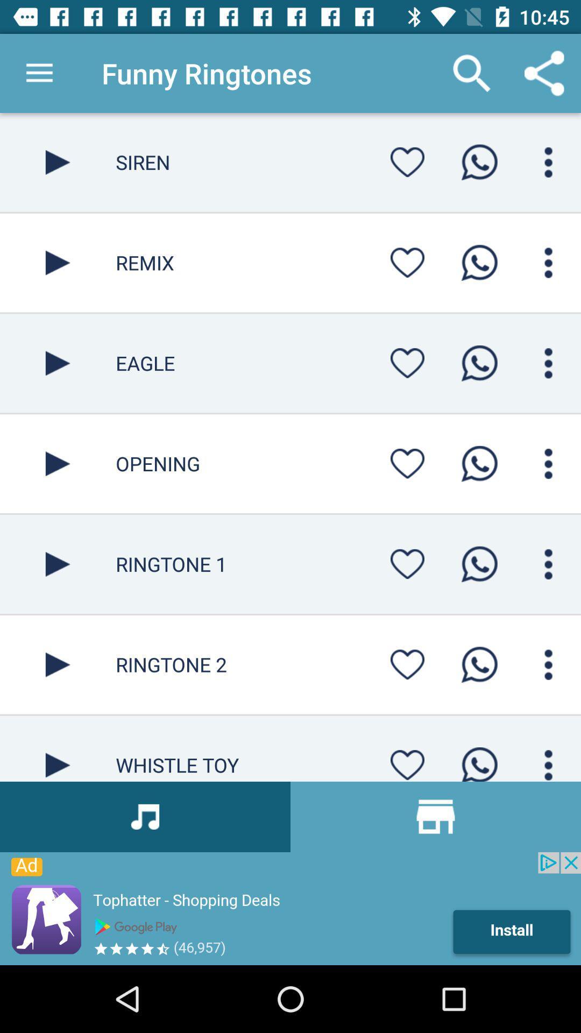  What do you see at coordinates (407, 664) in the screenshot?
I see `heart symbol` at bounding box center [407, 664].